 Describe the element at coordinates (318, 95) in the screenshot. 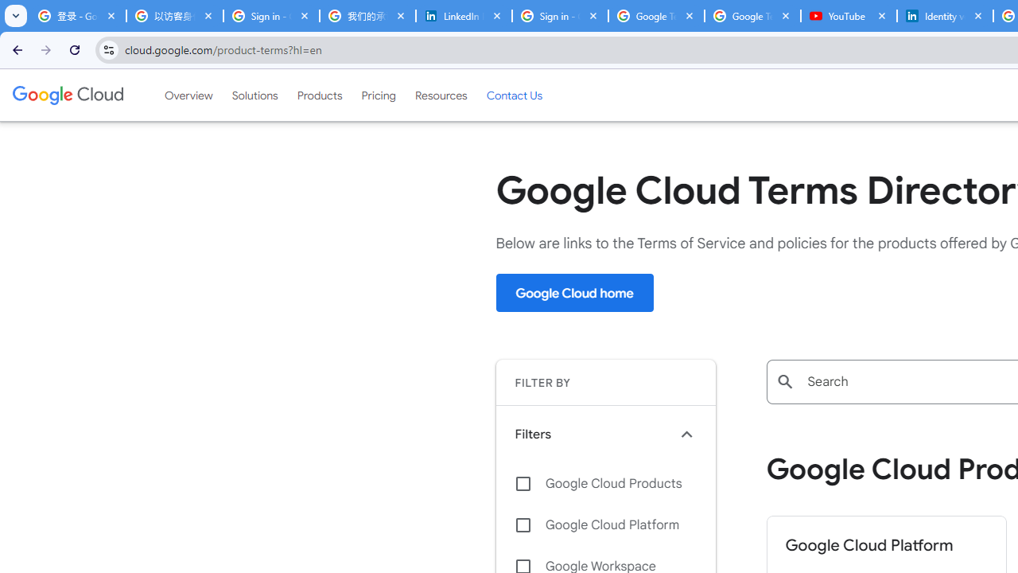

I see `'Products'` at that location.